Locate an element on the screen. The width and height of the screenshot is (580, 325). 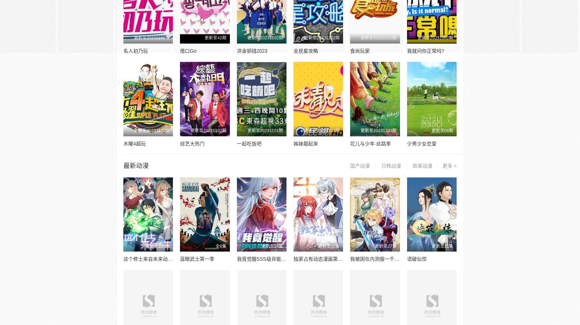
'全8集' is located at coordinates (220, 246).